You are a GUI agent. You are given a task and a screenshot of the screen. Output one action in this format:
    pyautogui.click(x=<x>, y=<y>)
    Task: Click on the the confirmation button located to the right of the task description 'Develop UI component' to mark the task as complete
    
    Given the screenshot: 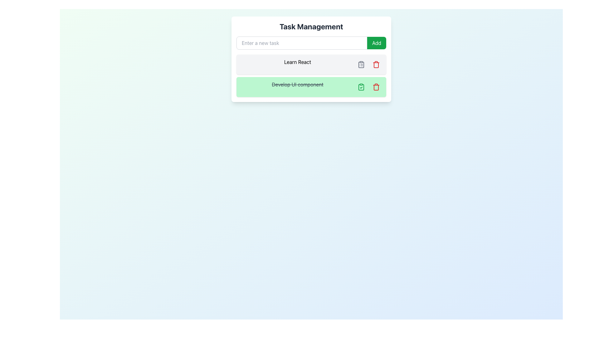 What is the action you would take?
    pyautogui.click(x=361, y=87)
    